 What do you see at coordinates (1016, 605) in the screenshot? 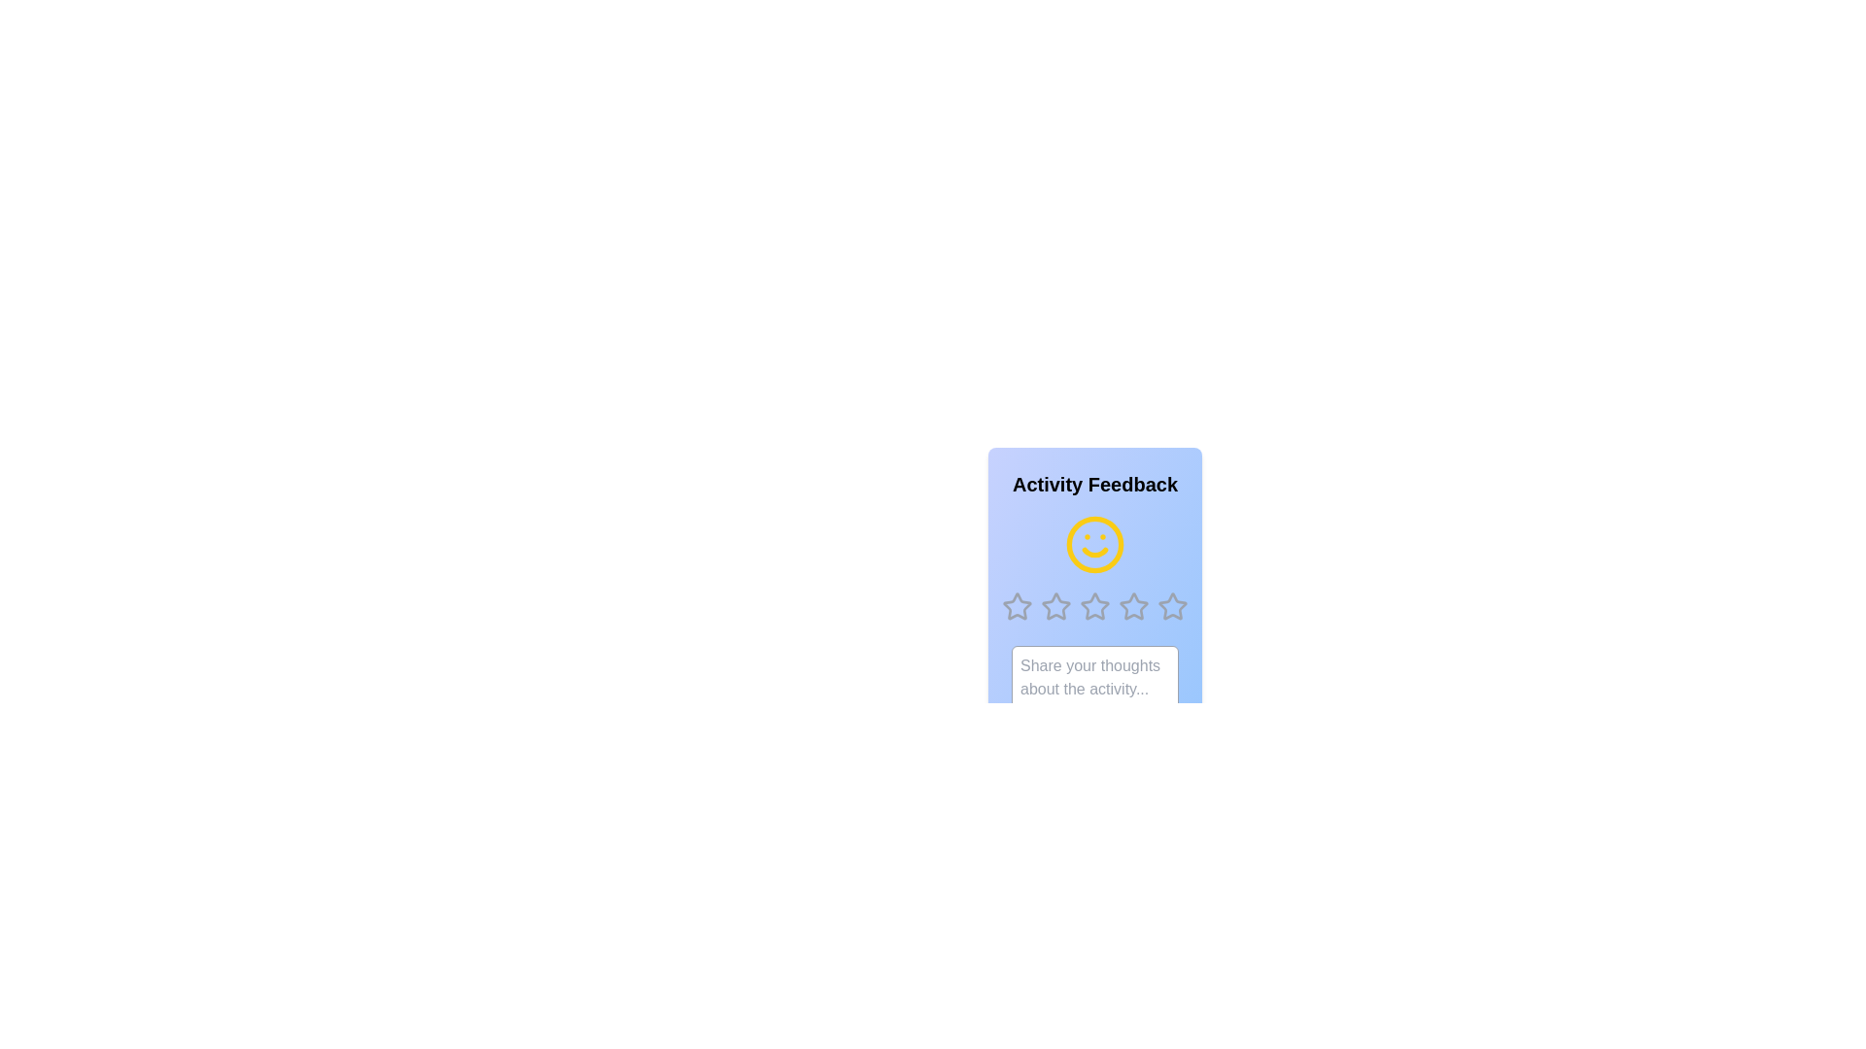
I see `first star icon in the rating section, which is styled in gray and located below the smiling face icon, for accessibility purposes` at bounding box center [1016, 605].